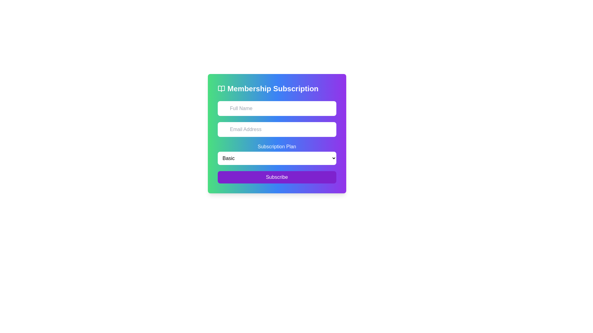  I want to click on the Text Input field for entering the full name, located below the 'Membership Subscription' heading, so click(276, 108).